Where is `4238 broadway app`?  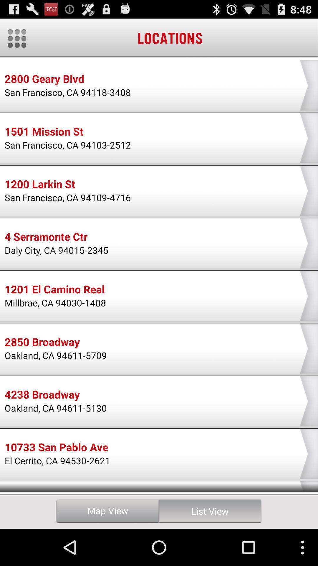
4238 broadway app is located at coordinates (42, 395).